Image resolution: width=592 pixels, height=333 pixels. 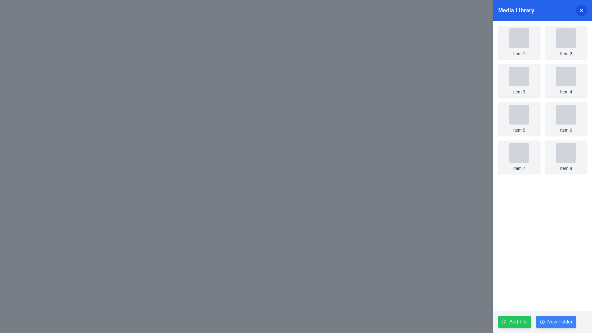 I want to click on displayed text from the Text label located at the bottom of the first column in the Media Library section, which provides a description for the associated media item, so click(x=519, y=53).